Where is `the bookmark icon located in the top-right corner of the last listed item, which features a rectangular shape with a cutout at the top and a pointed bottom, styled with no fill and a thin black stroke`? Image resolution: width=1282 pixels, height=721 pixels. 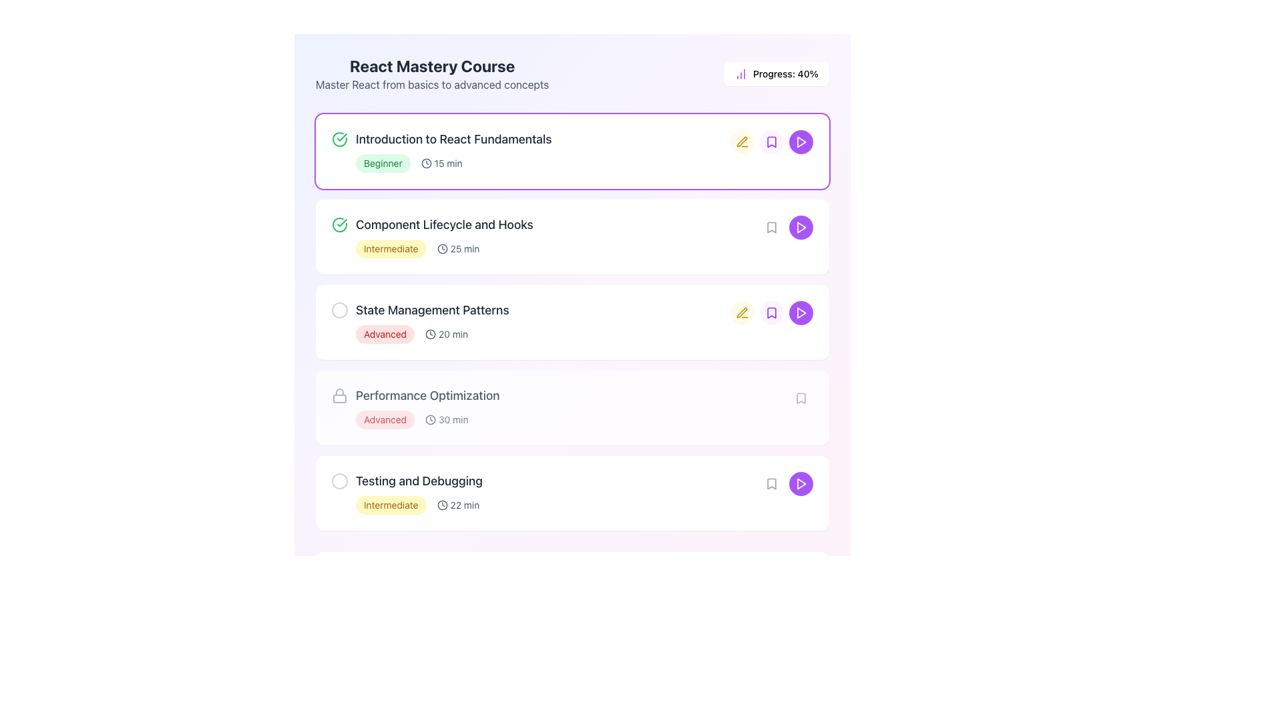
the bookmark icon located in the top-right corner of the last listed item, which features a rectangular shape with a cutout at the top and a pointed bottom, styled with no fill and a thin black stroke is located at coordinates (772, 484).